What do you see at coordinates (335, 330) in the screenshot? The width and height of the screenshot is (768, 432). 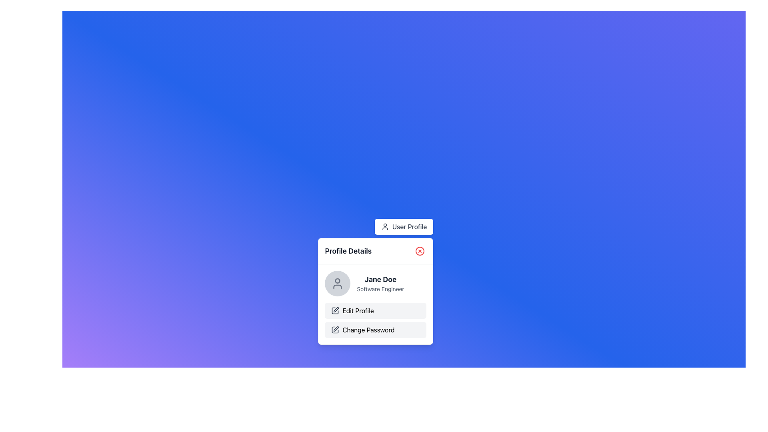 I see `the leftmost icon in the 'Change Password' button, which visually represents the possibility of editing or modifying information` at bounding box center [335, 330].